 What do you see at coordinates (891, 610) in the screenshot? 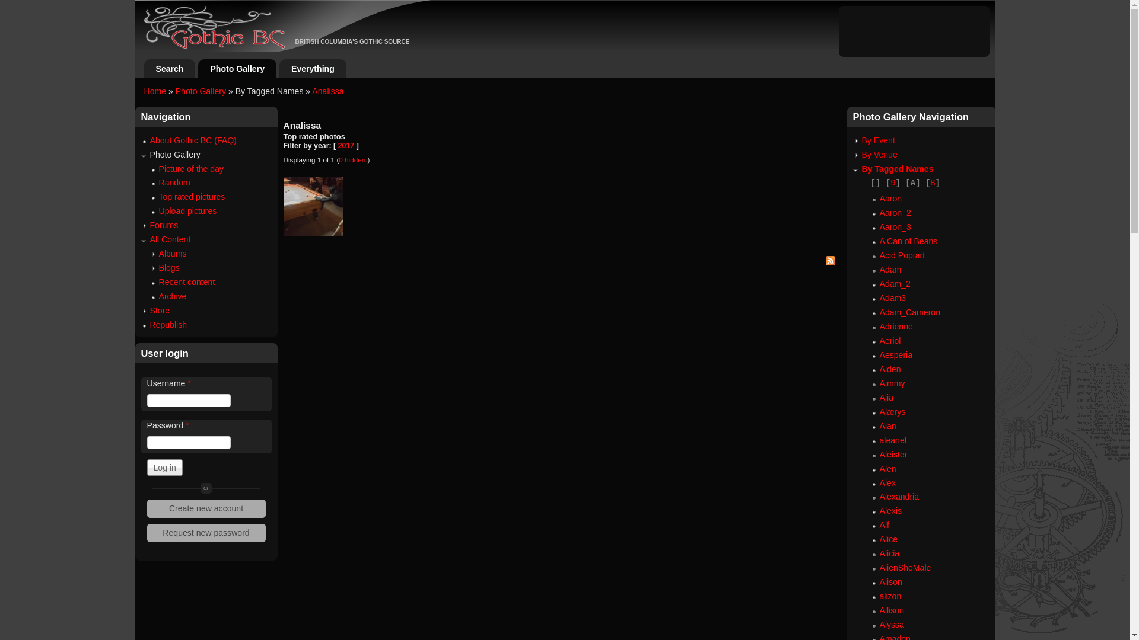
I see `'Allison'` at bounding box center [891, 610].